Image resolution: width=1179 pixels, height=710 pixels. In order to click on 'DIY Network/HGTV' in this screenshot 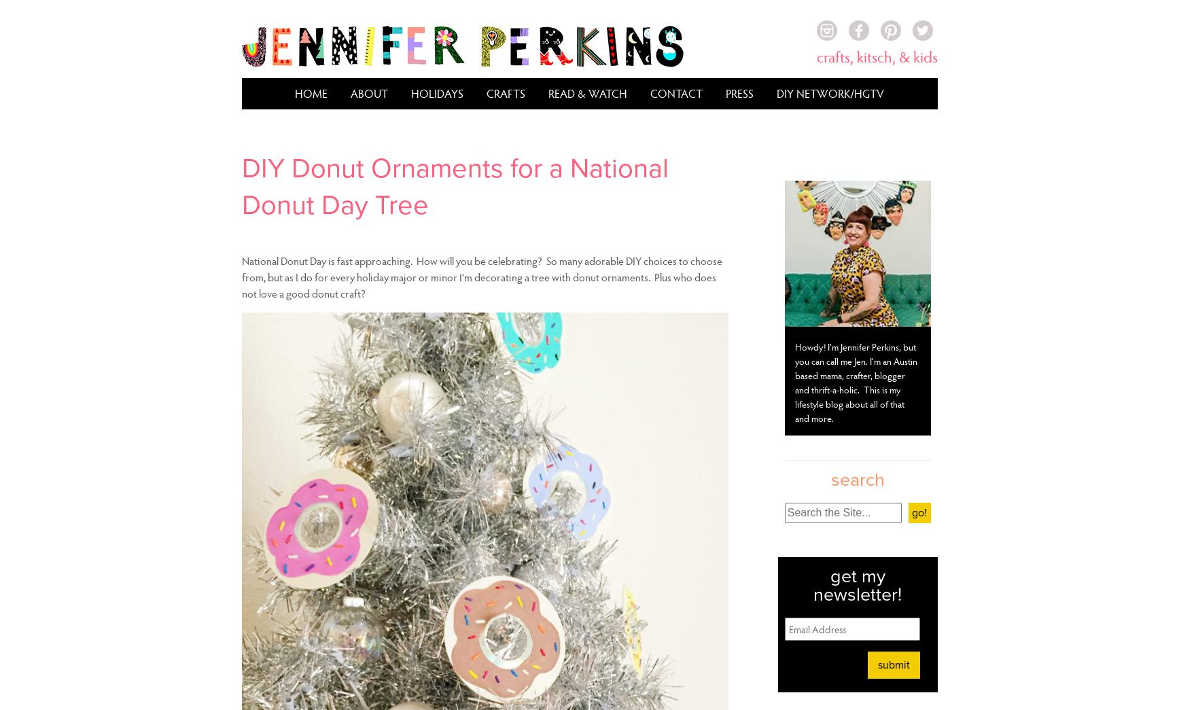, I will do `click(829, 92)`.